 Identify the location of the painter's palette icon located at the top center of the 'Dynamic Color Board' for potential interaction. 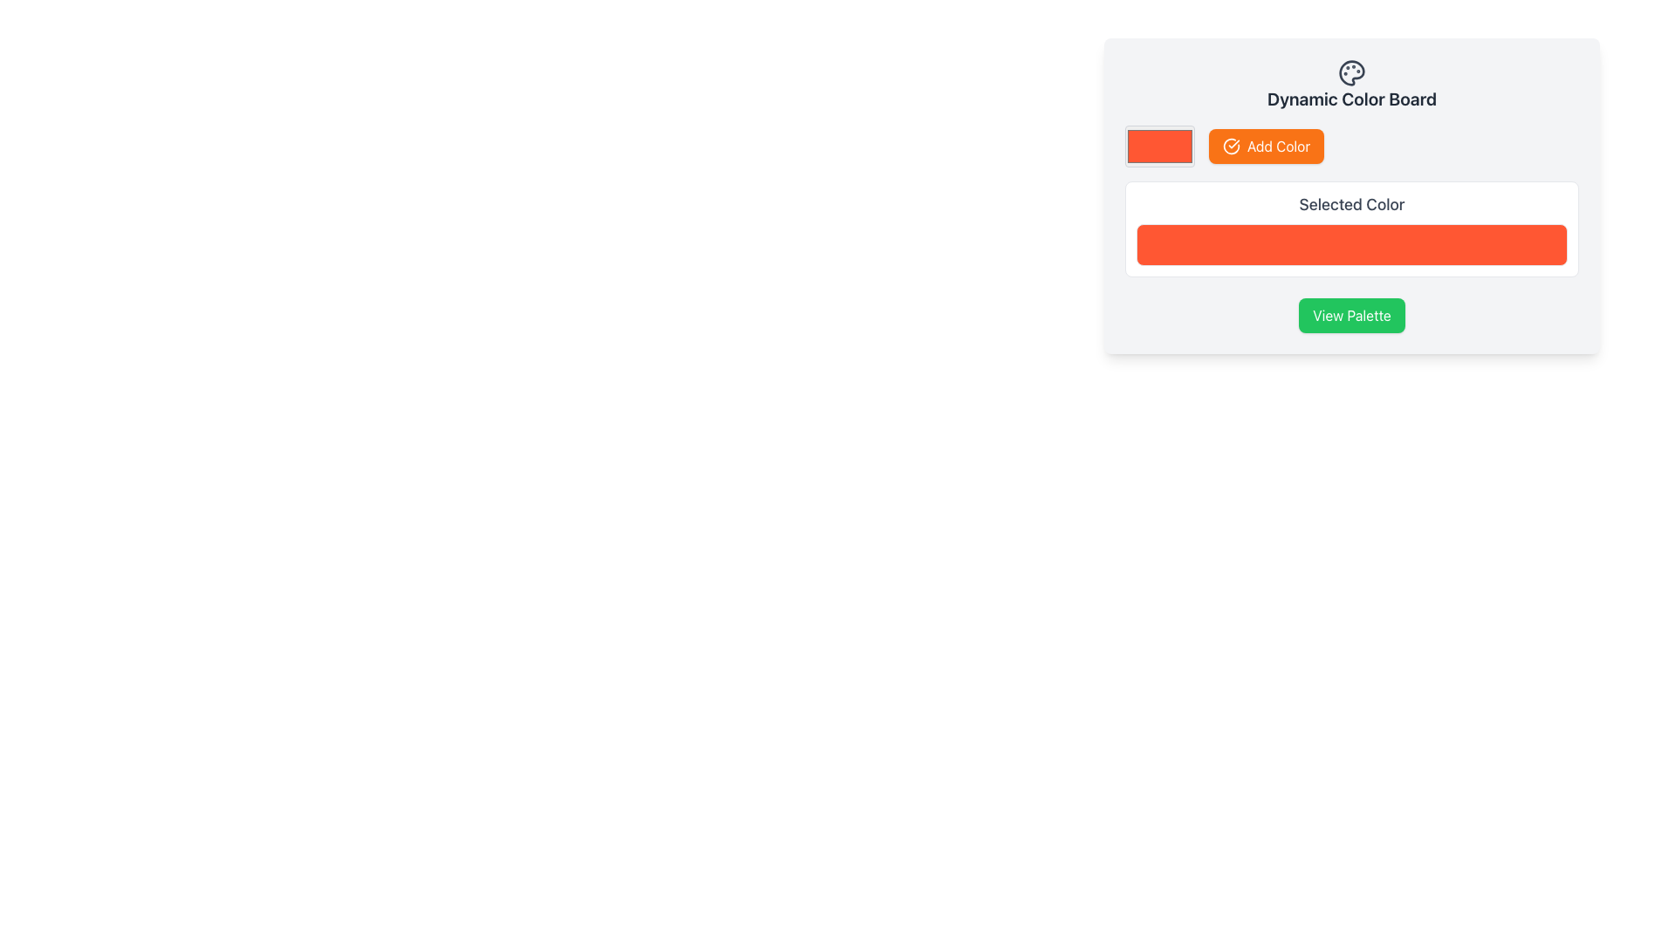
(1351, 72).